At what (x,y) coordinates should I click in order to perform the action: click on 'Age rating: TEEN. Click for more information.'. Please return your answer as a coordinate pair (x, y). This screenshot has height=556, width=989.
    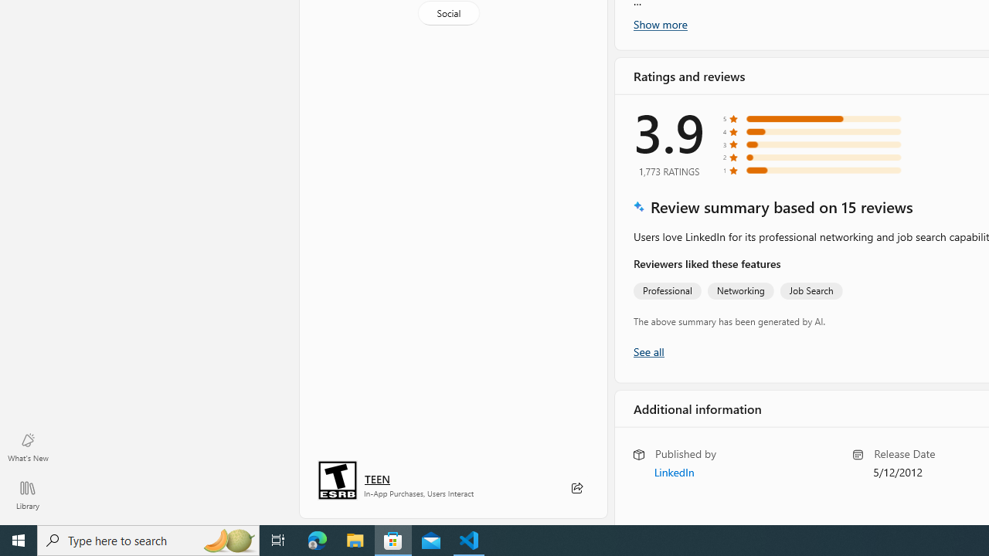
    Looking at the image, I should click on (377, 477).